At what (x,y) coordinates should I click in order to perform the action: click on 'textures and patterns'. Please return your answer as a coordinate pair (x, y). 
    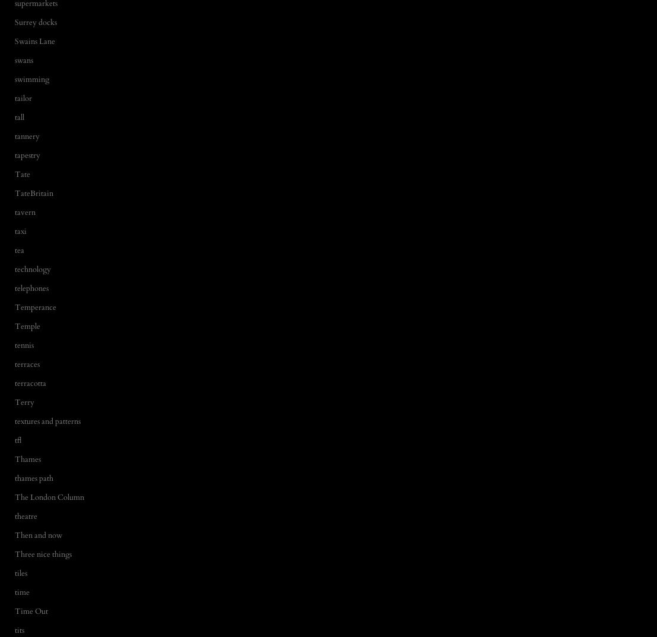
    Looking at the image, I should click on (47, 421).